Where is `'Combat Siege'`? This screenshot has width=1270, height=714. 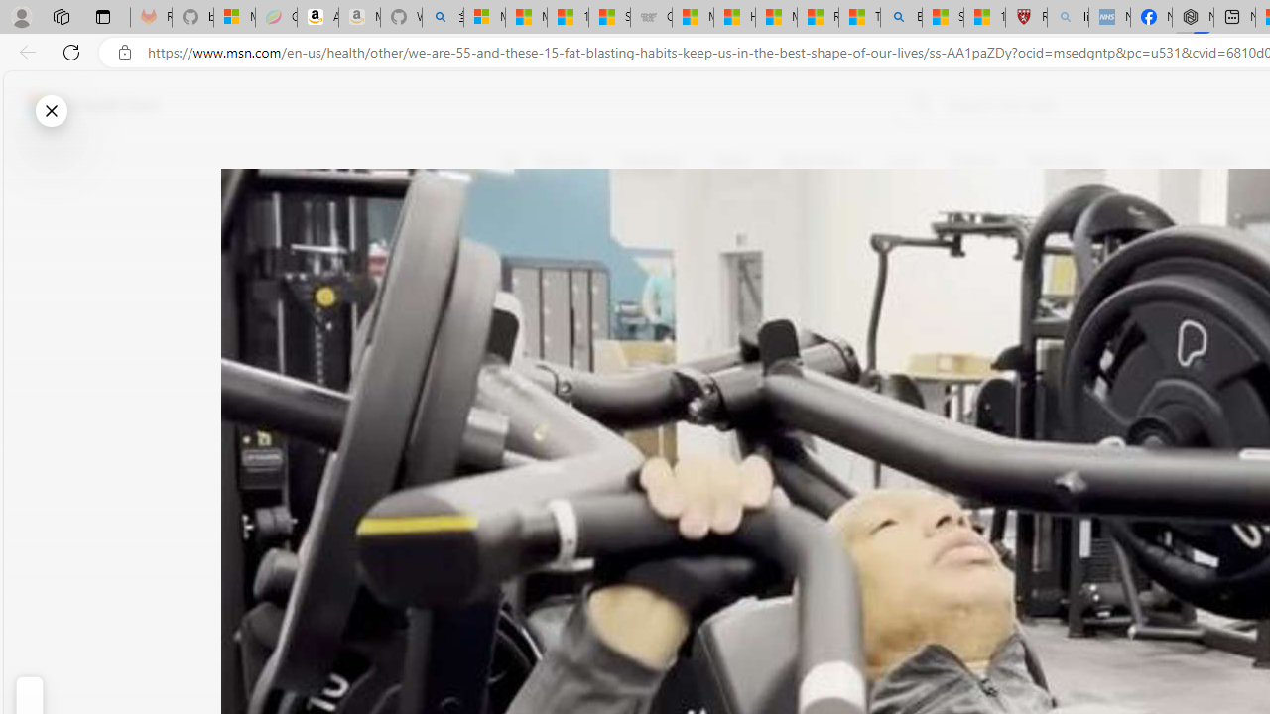 'Combat Siege' is located at coordinates (651, 17).